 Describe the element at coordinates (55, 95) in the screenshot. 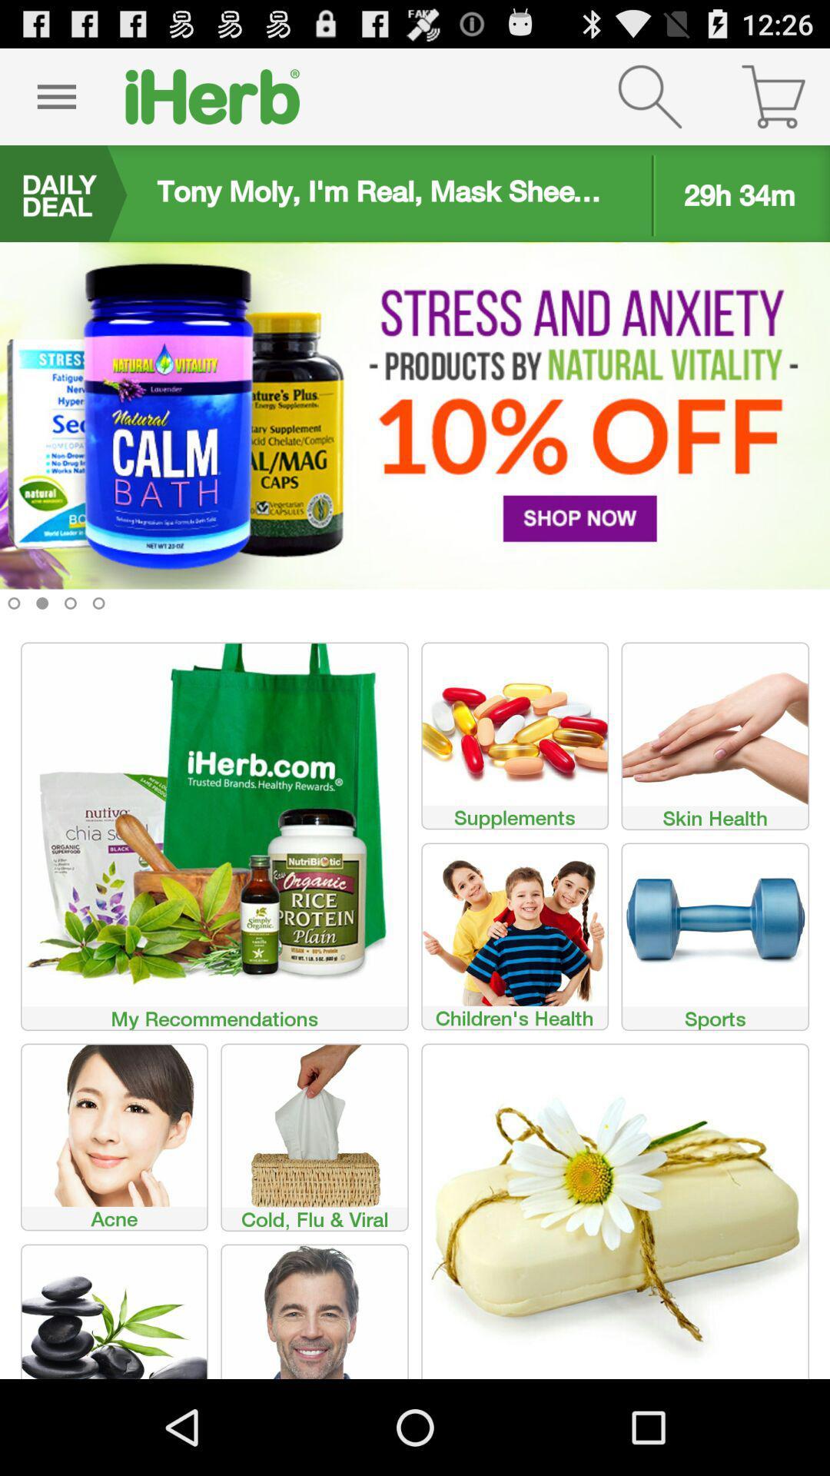

I see `menu option` at that location.